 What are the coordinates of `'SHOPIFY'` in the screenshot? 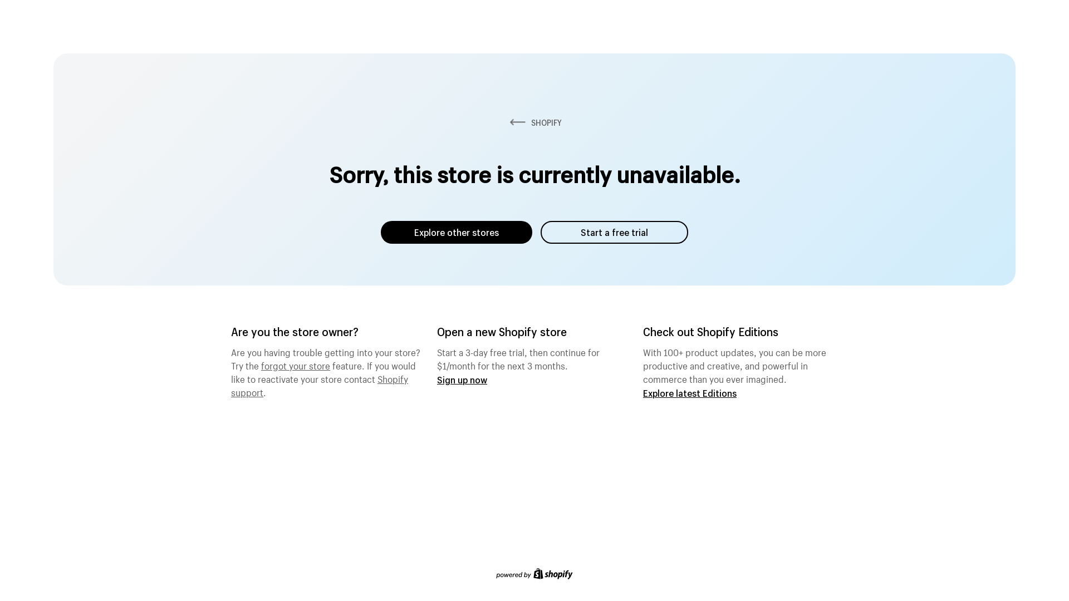 It's located at (534, 122).